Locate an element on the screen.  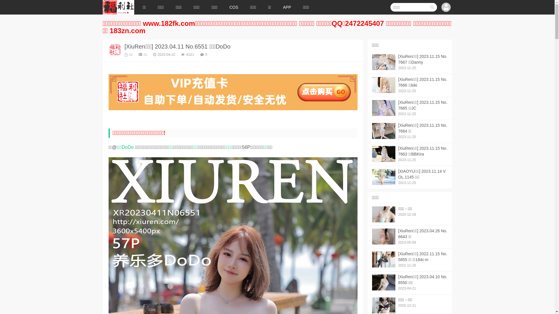
'APP' is located at coordinates (277, 7).